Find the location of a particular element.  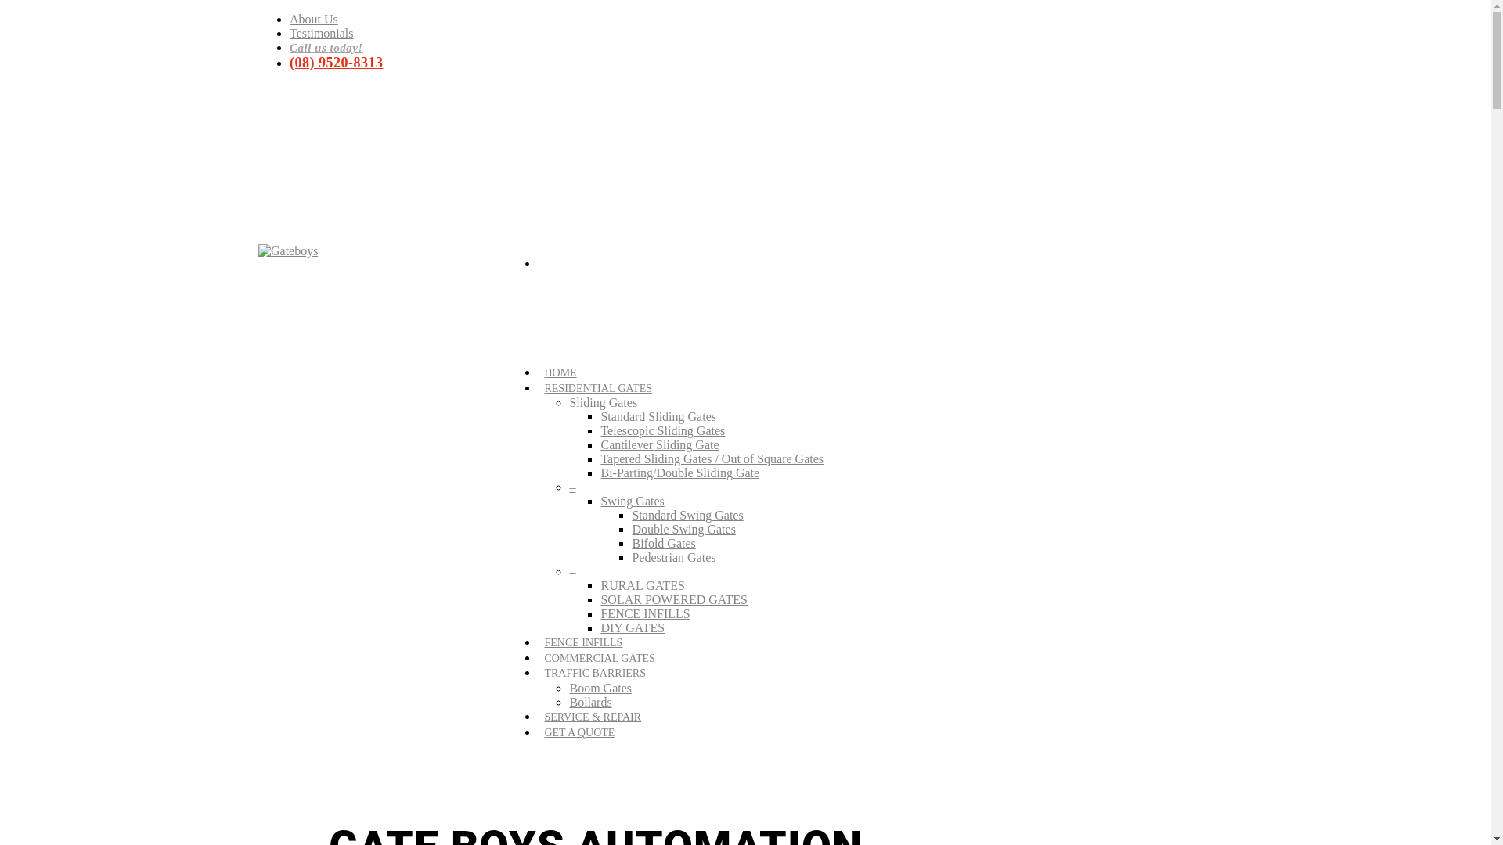

'Testimonials' is located at coordinates (321, 33).